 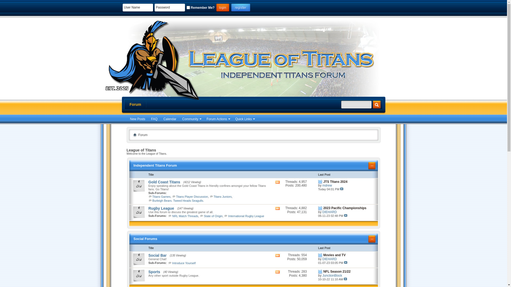 What do you see at coordinates (323, 255) in the screenshot?
I see `'Movies and TV'` at bounding box center [323, 255].